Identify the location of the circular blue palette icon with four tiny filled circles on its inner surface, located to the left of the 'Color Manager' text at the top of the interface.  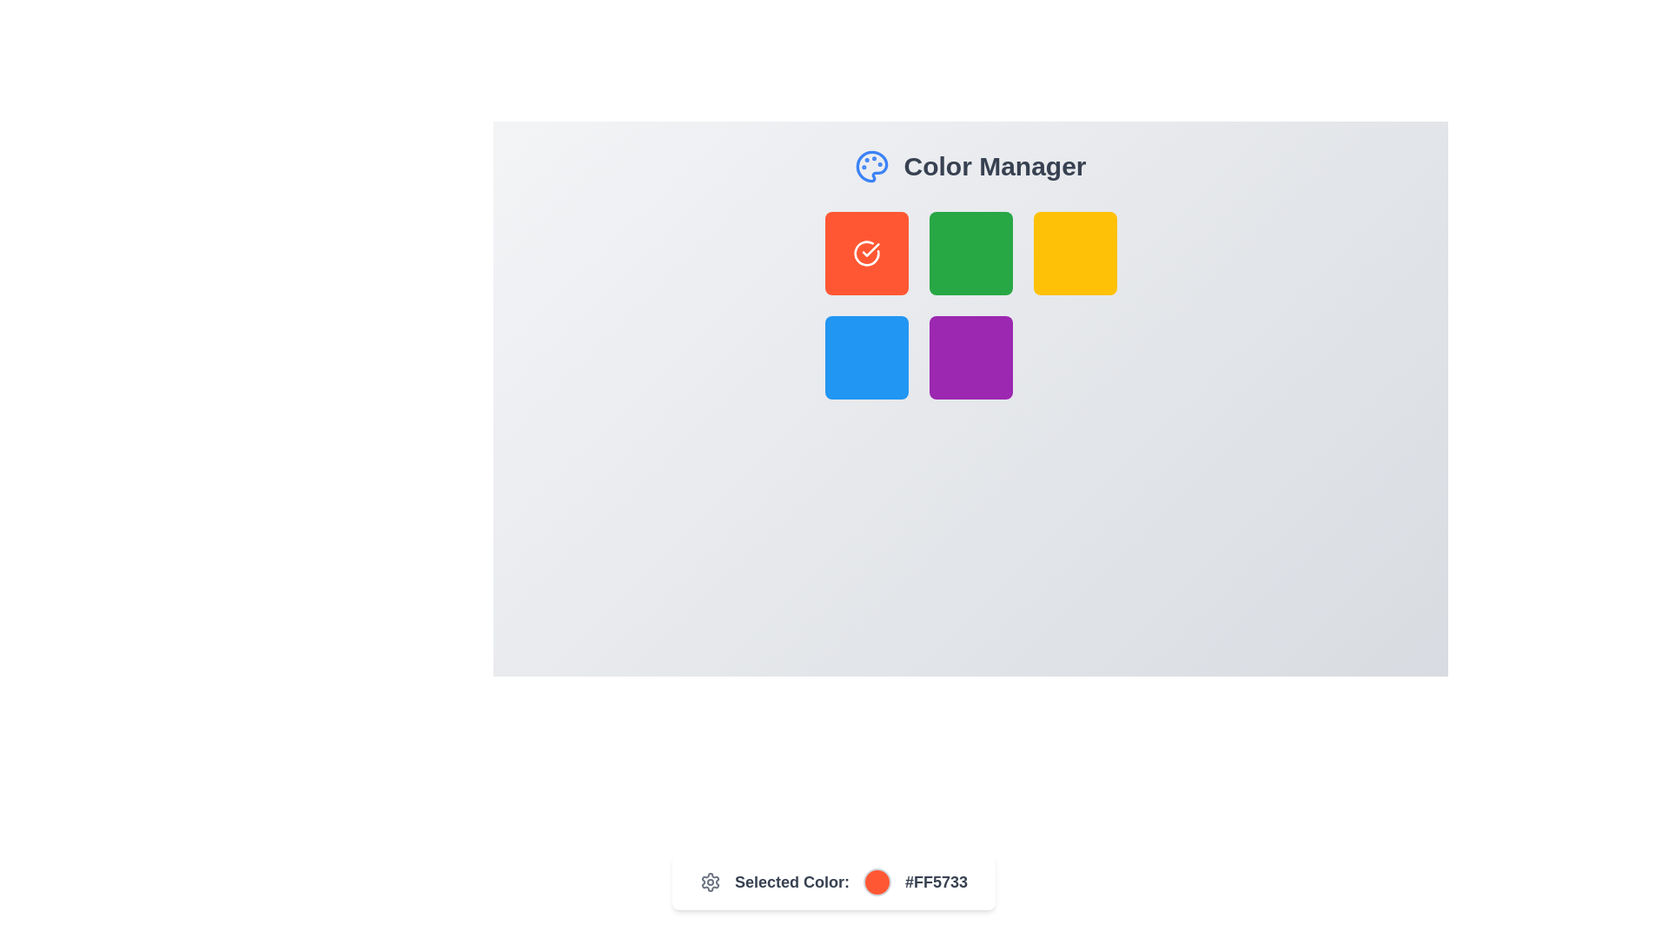
(872, 167).